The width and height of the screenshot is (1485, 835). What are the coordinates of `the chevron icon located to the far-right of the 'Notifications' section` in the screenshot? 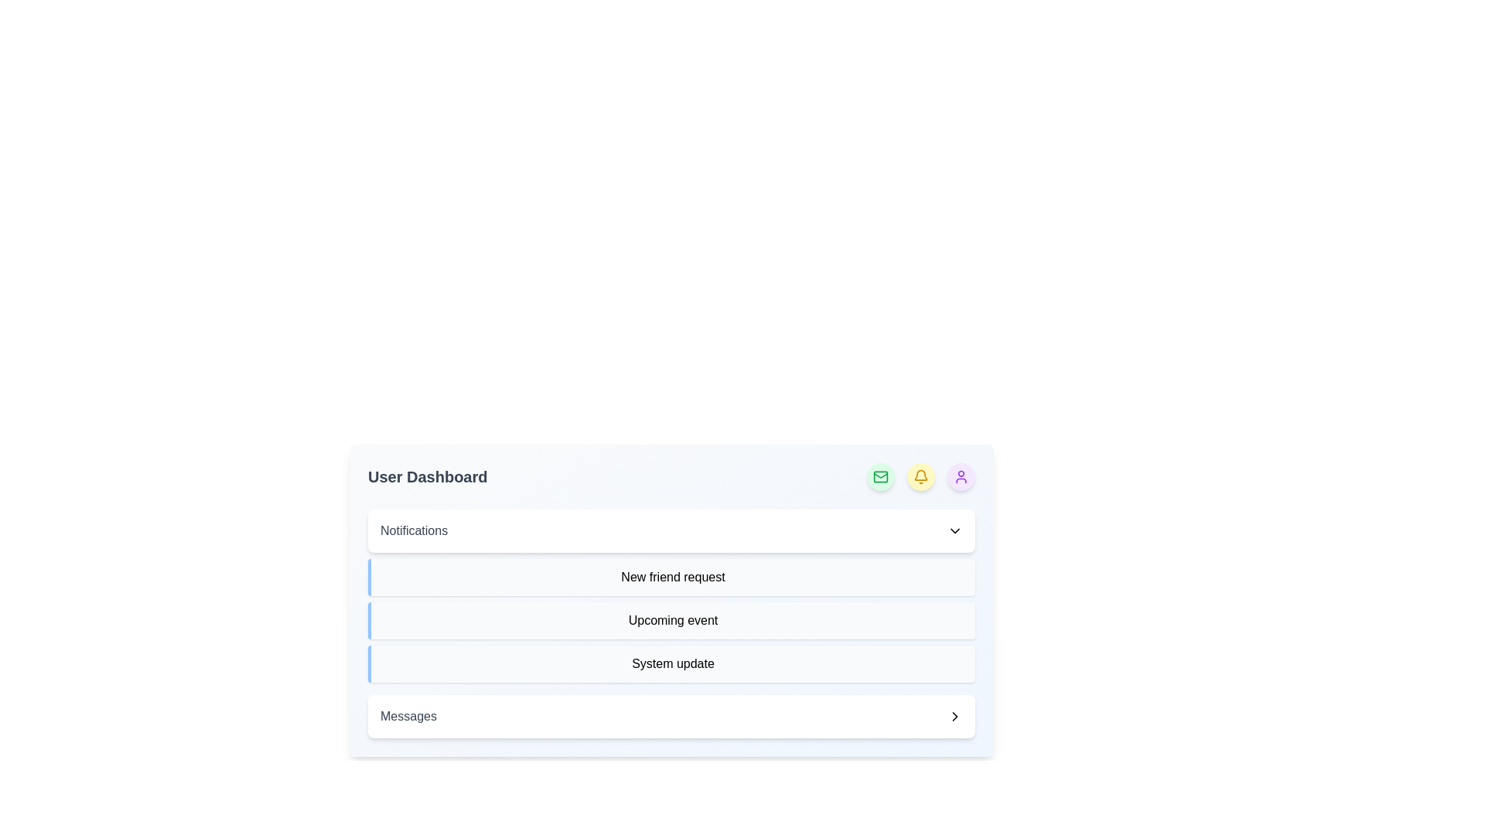 It's located at (954, 530).